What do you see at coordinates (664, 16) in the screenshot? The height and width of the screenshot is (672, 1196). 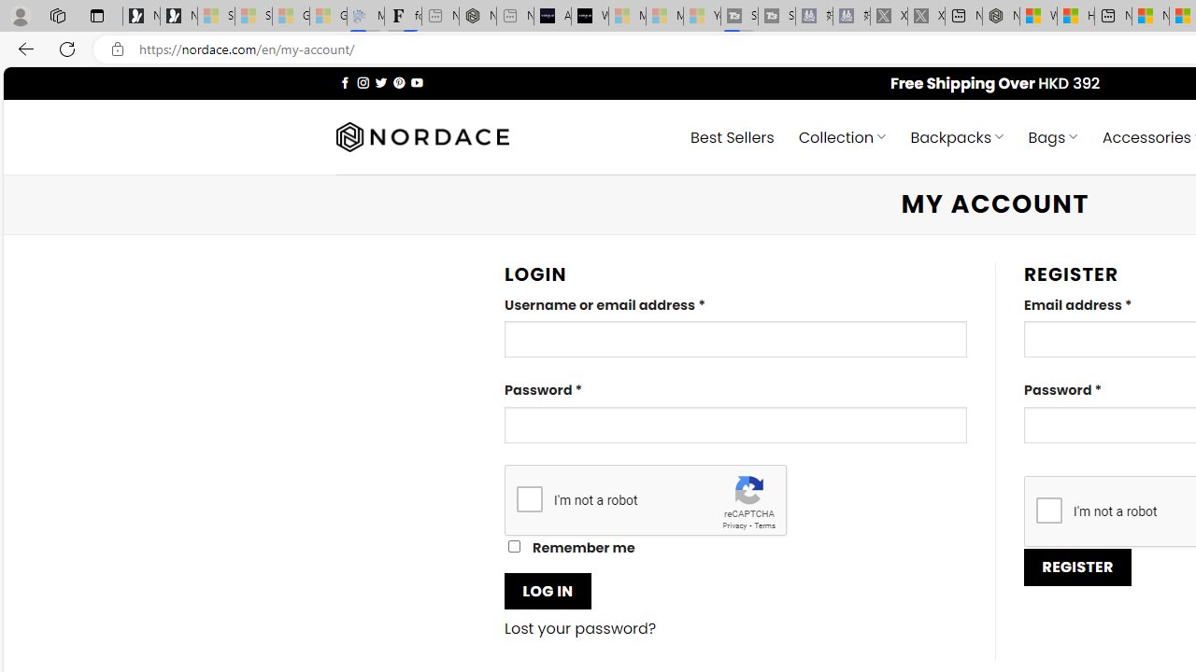 I see `'Microsoft Start - Sleeping'` at bounding box center [664, 16].